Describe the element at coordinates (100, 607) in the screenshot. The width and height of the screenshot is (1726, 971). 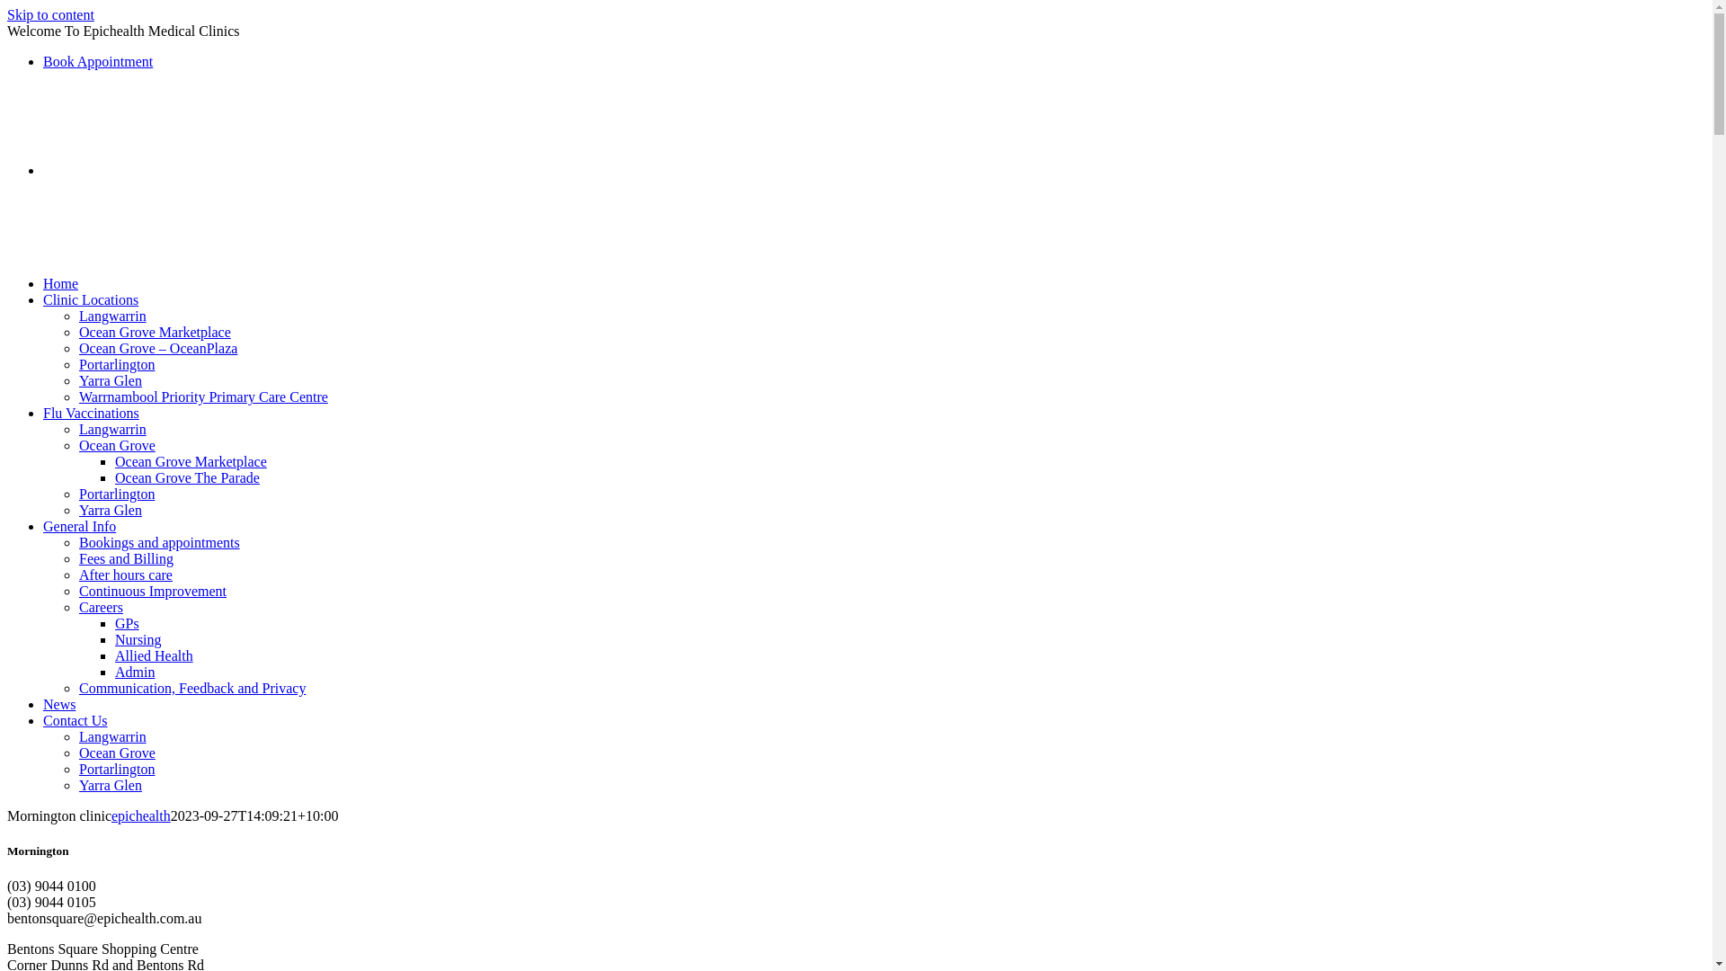
I see `'Careers'` at that location.